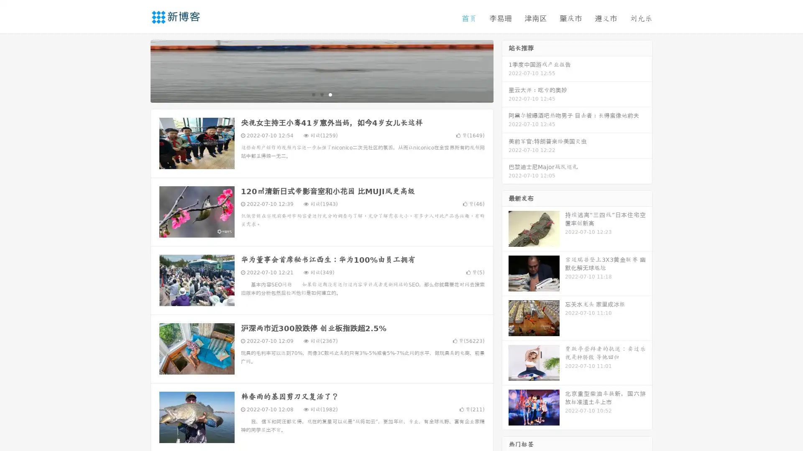  I want to click on Next slide, so click(505, 70).